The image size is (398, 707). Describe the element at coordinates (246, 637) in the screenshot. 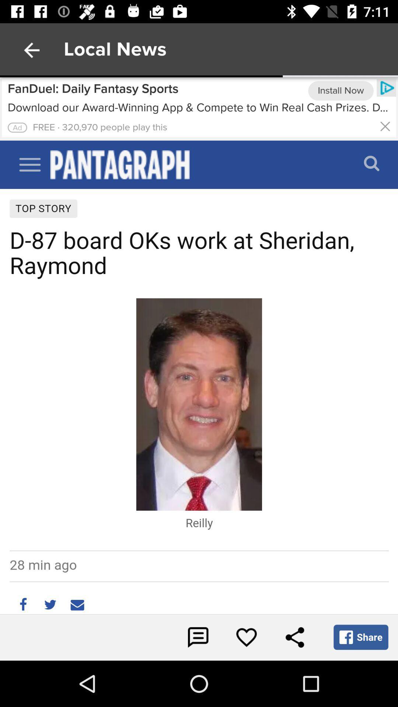

I see `favorites it` at that location.